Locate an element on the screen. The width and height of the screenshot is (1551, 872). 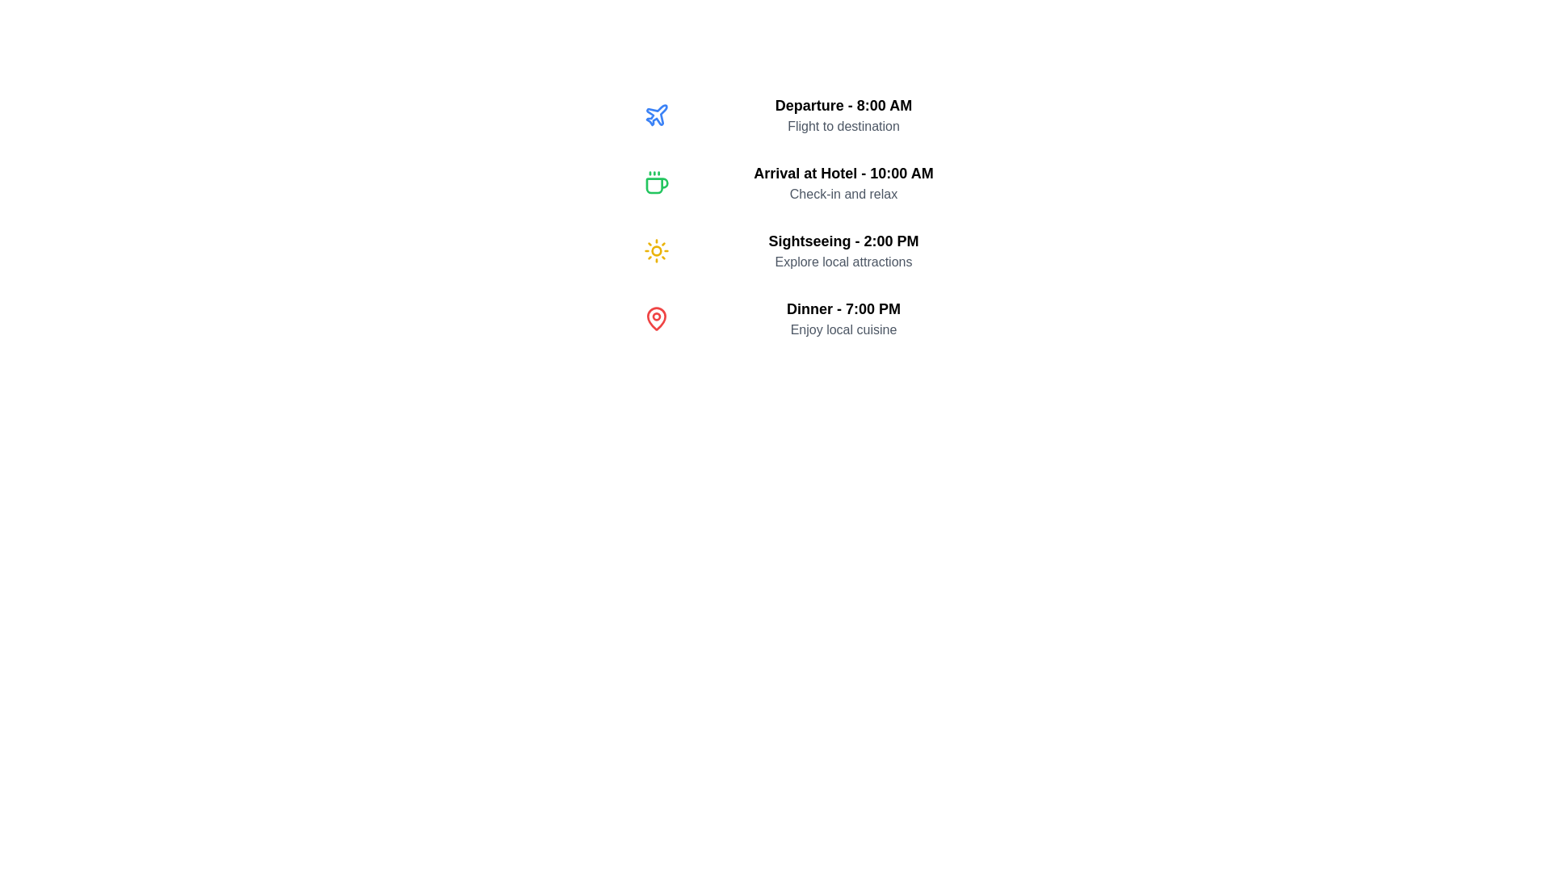
the blue airplane-shaped icon in the SVG graphic located to the left of the text 'Departure - 8:00 AM' is located at coordinates (656, 114).